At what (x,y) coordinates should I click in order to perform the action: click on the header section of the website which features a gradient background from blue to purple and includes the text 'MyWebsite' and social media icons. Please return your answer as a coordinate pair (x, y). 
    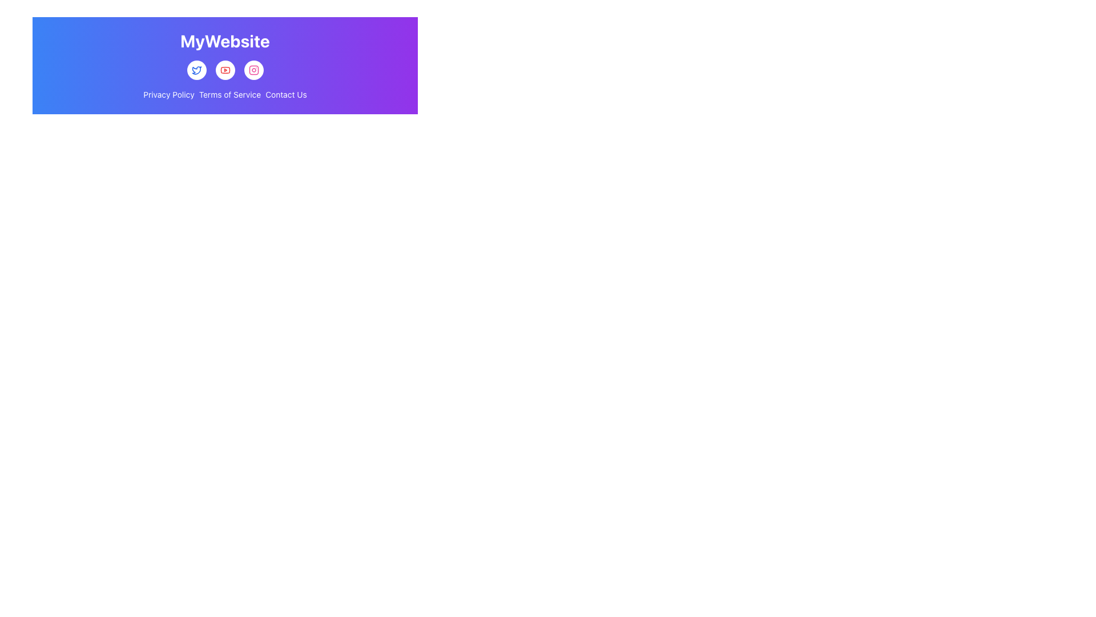
    Looking at the image, I should click on (225, 66).